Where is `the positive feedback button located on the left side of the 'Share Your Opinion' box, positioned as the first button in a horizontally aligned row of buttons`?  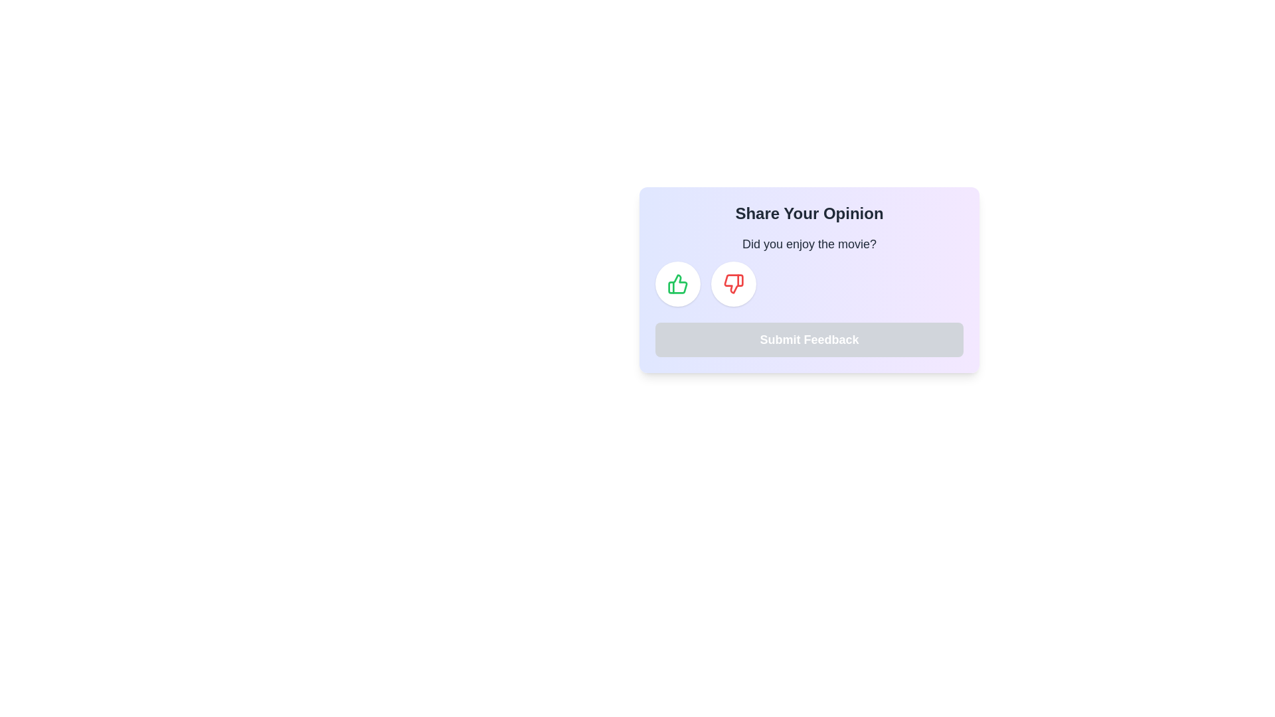 the positive feedback button located on the left side of the 'Share Your Opinion' box, positioned as the first button in a horizontally aligned row of buttons is located at coordinates (678, 283).